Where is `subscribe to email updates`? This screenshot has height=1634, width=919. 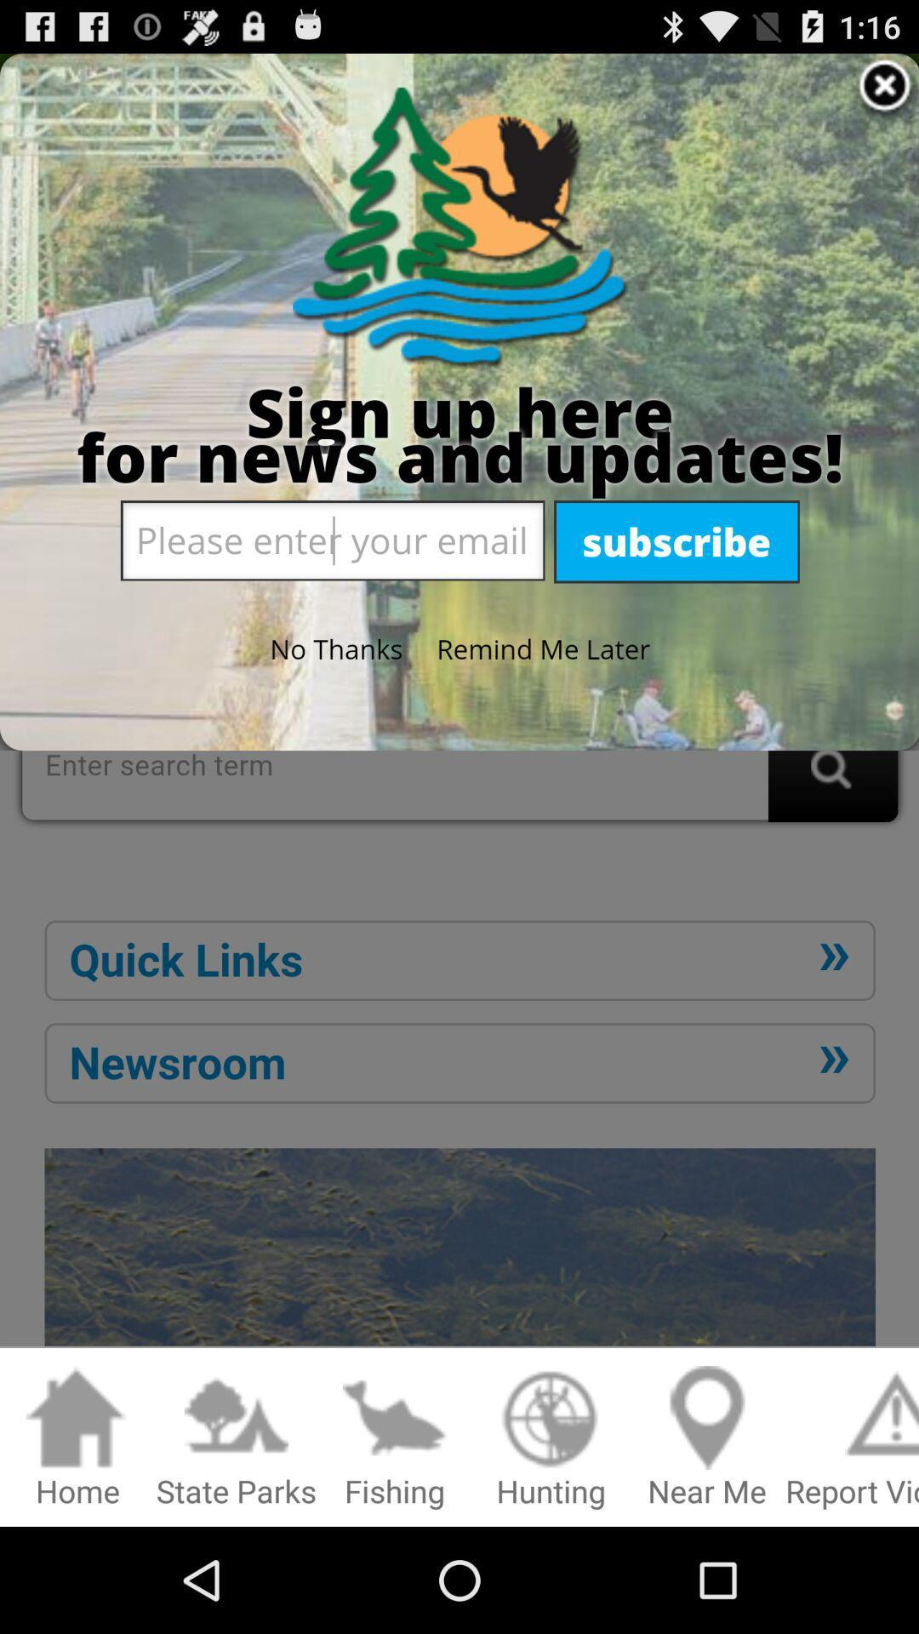 subscribe to email updates is located at coordinates (459, 706).